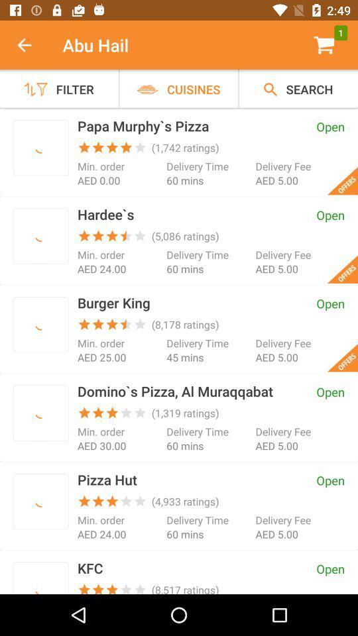 The height and width of the screenshot is (636, 358). Describe the element at coordinates (40, 324) in the screenshot. I see `order here` at that location.